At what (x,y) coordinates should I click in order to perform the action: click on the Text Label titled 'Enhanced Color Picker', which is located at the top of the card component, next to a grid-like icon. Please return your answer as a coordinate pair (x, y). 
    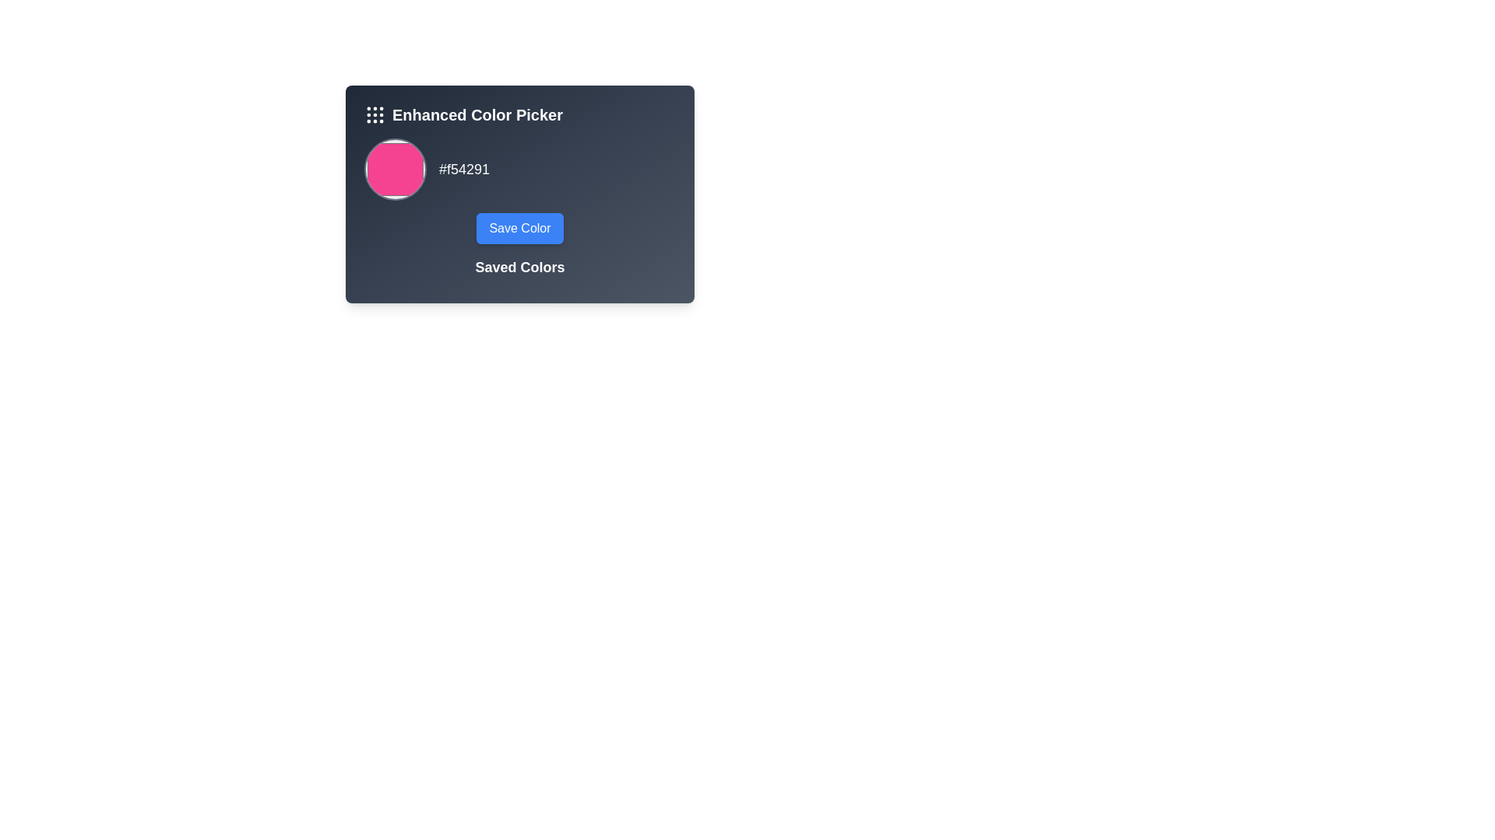
    Looking at the image, I should click on (477, 114).